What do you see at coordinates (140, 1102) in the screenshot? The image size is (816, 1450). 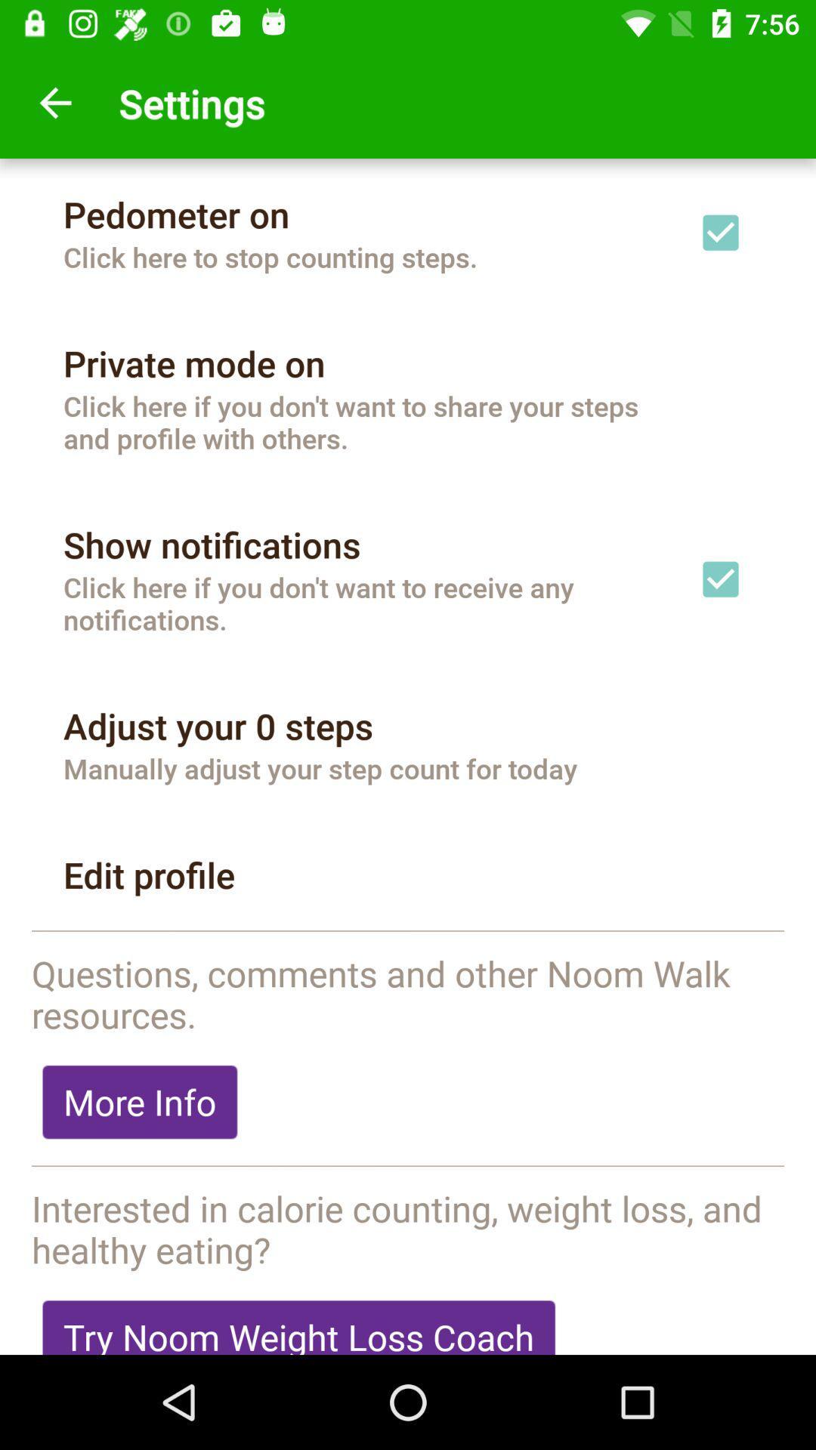 I see `item below the questions comments and item` at bounding box center [140, 1102].